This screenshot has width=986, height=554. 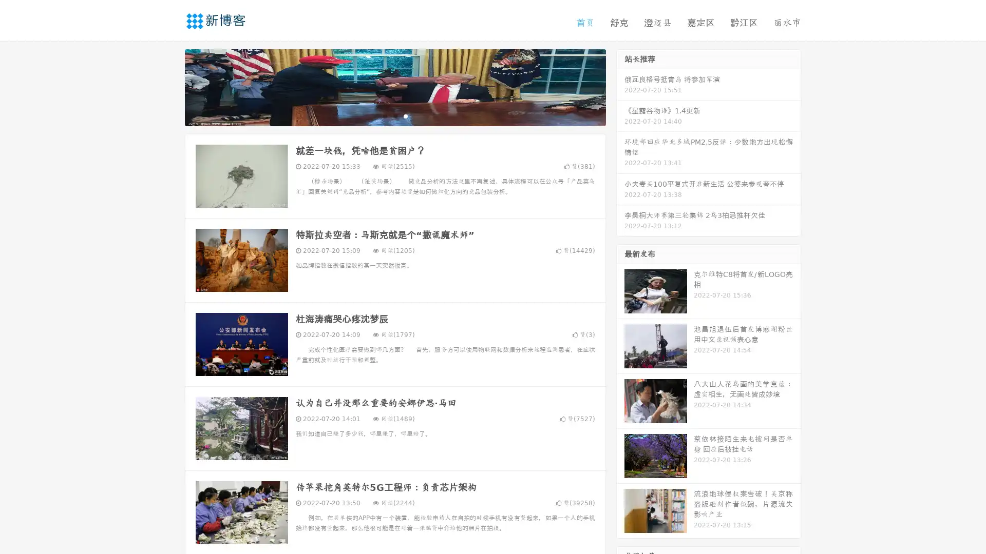 What do you see at coordinates (405, 115) in the screenshot?
I see `Go to slide 3` at bounding box center [405, 115].